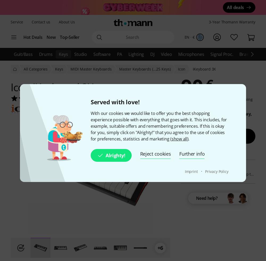 The image size is (266, 261). Describe the element at coordinates (115, 101) in the screenshot. I see `'Served with love!'` at that location.